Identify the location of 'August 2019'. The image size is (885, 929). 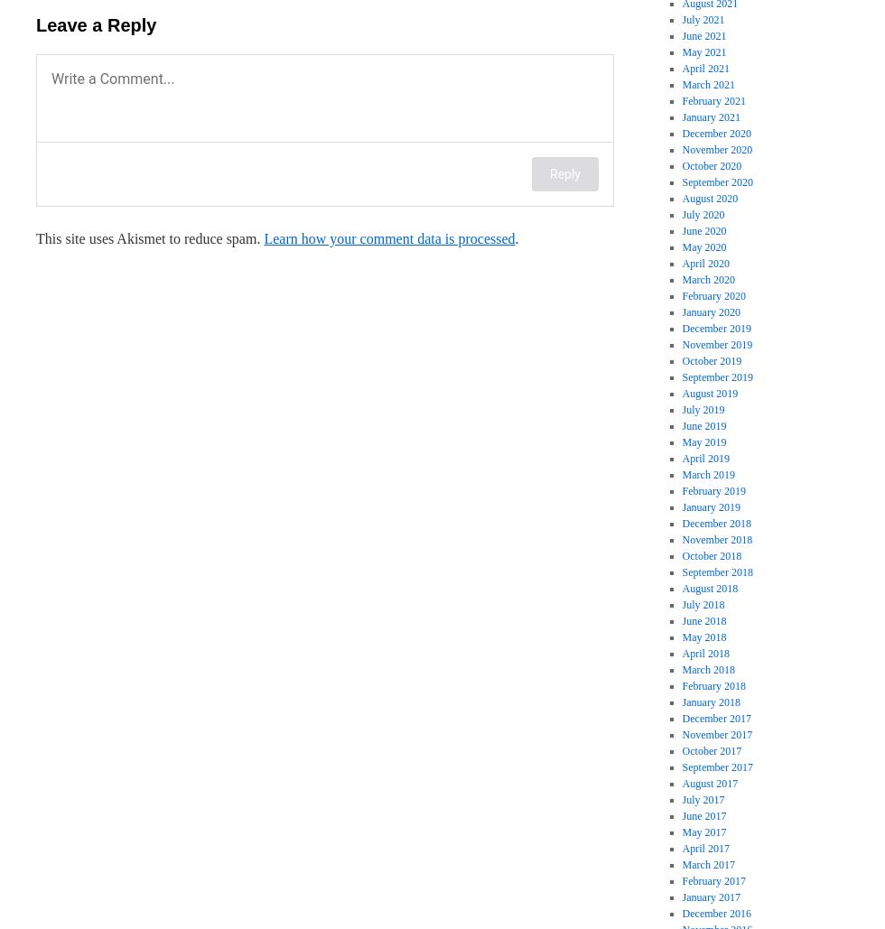
(709, 392).